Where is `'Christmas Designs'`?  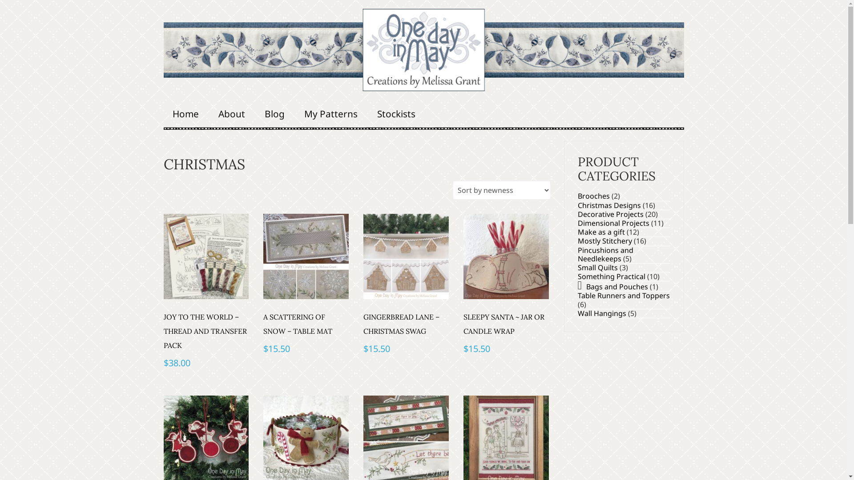 'Christmas Designs' is located at coordinates (608, 205).